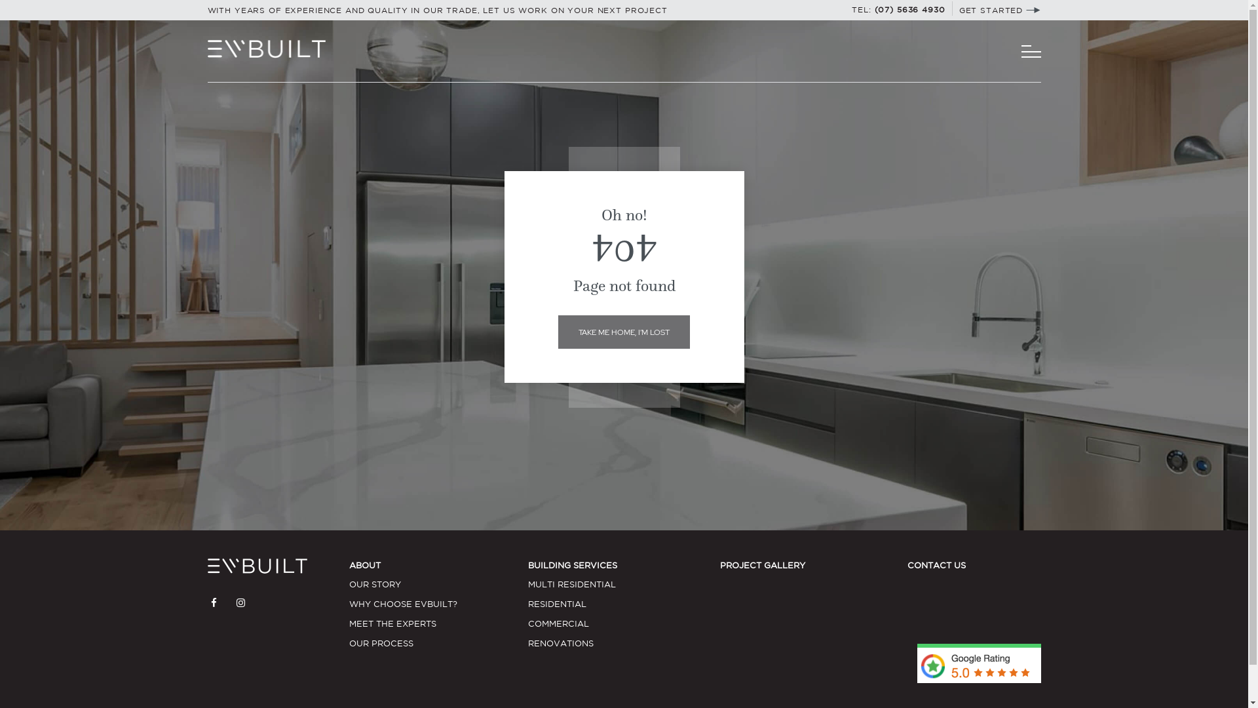 This screenshot has width=1258, height=708. Describe the element at coordinates (936, 564) in the screenshot. I see `'CONTACT US'` at that location.